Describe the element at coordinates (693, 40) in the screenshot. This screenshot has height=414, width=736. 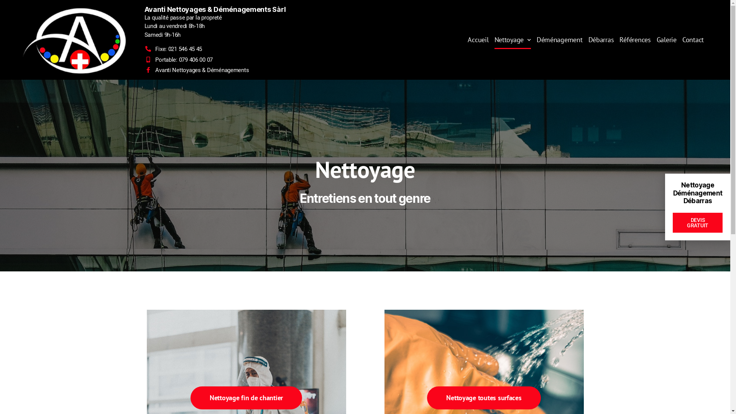
I see `'Contact'` at that location.